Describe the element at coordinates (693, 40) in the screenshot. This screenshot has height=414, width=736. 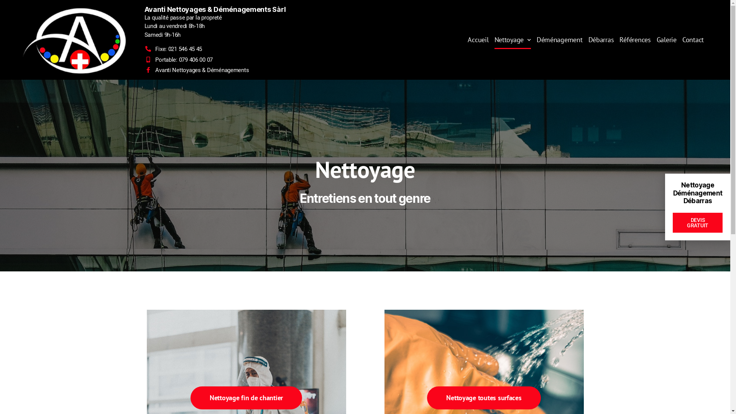
I see `'Contact'` at that location.